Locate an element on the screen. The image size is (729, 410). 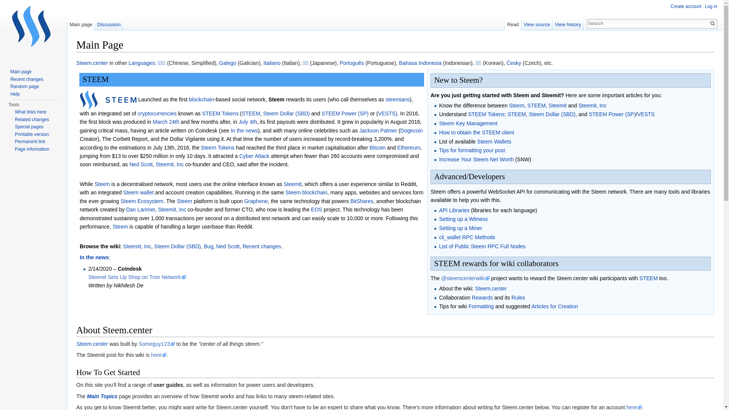
'March 24th' is located at coordinates (165, 121).